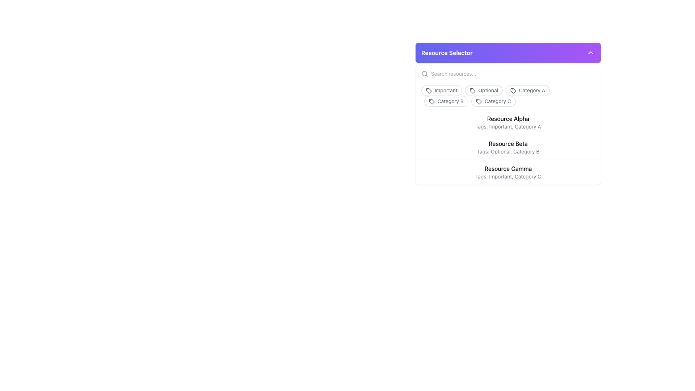 The height and width of the screenshot is (391, 695). Describe the element at coordinates (507, 126) in the screenshot. I see `the text label displaying 'Tags: Important, Category A', which is styled with a smaller font size and gray color, positioned below the title 'Resource Alpha'` at that location.